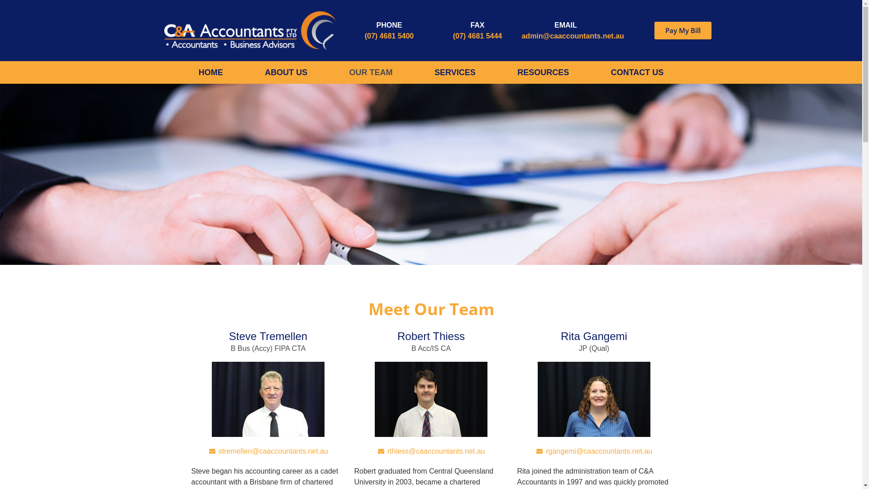 This screenshot has width=869, height=489. Describe the element at coordinates (593, 451) in the screenshot. I see `'rgangemi@caaccountants.net.au'` at that location.